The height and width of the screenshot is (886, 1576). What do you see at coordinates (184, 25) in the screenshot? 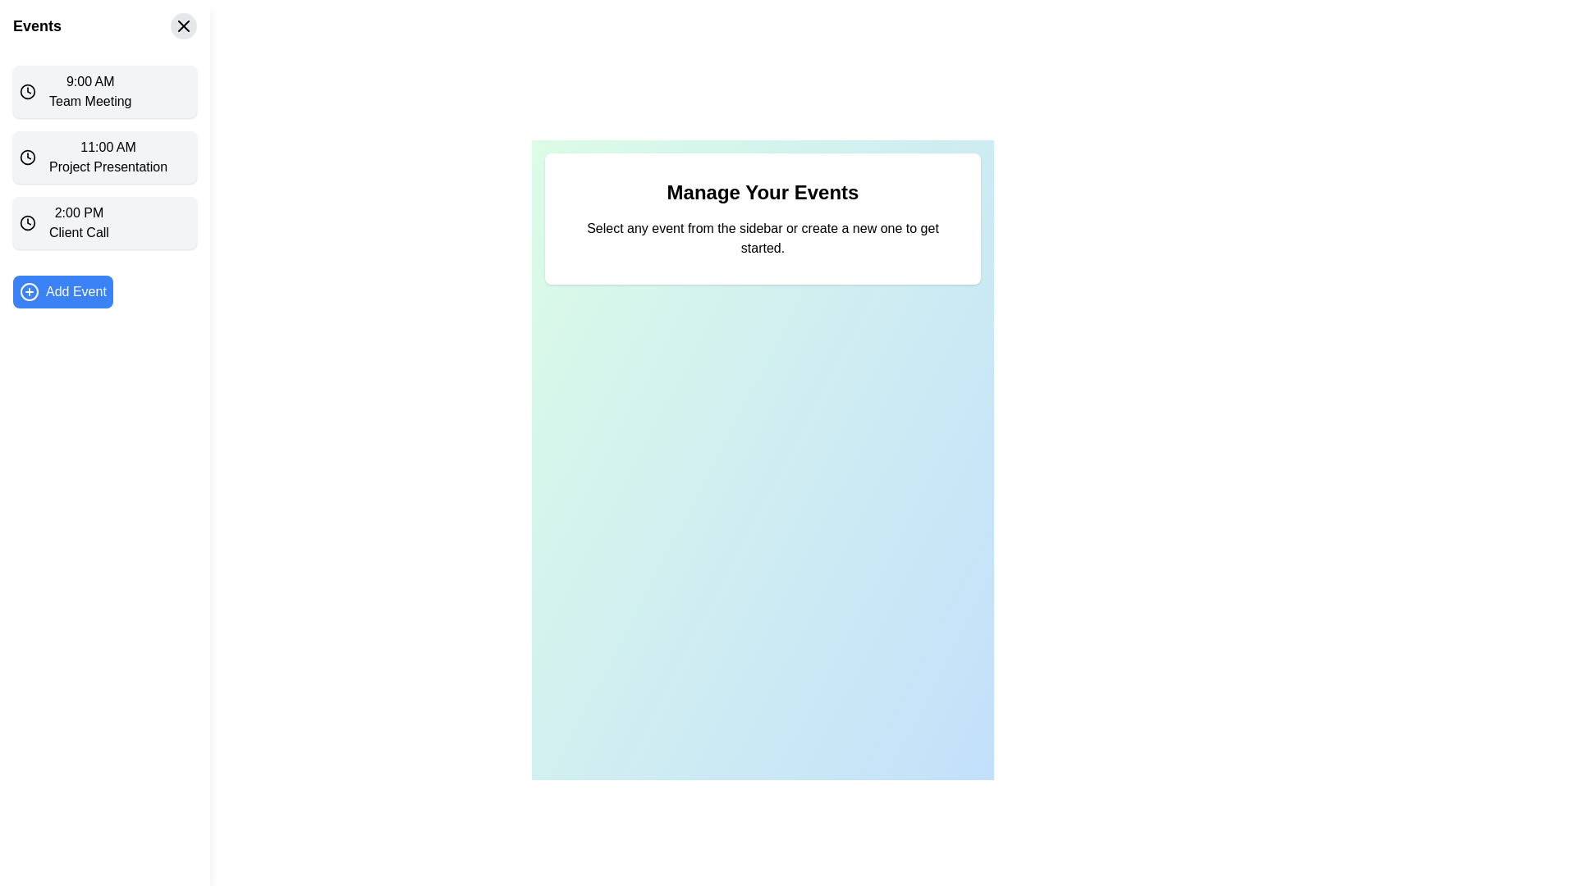
I see `the 'X' icon in the top-right corner of the sidebar header, adjacent to the title 'Events'` at bounding box center [184, 25].